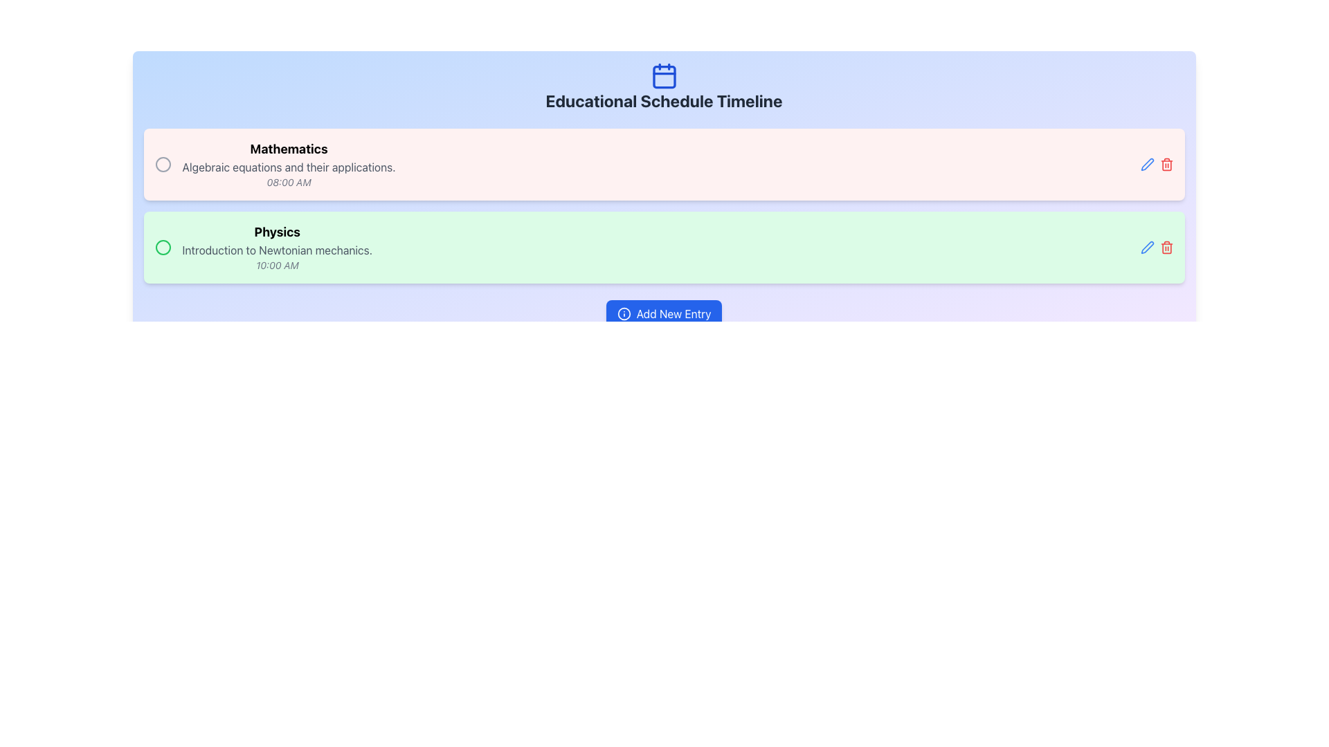 The height and width of the screenshot is (747, 1329). Describe the element at coordinates (663, 76) in the screenshot. I see `the calendar icon, which is a decorative element above the 'Educational Schedule Timeline' text and is filled blue` at that location.